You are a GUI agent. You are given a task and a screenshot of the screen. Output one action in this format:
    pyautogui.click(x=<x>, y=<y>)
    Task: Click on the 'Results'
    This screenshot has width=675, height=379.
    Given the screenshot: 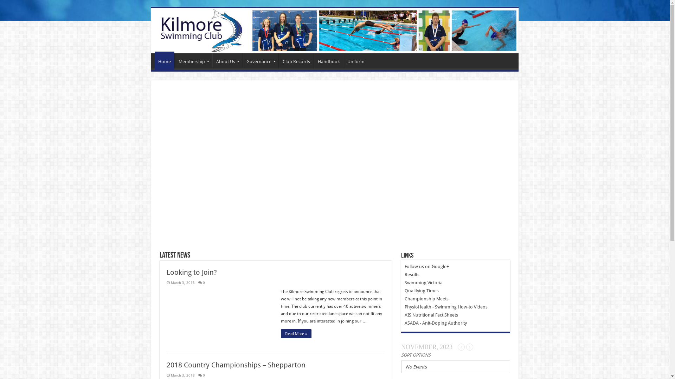 What is the action you would take?
    pyautogui.click(x=412, y=274)
    